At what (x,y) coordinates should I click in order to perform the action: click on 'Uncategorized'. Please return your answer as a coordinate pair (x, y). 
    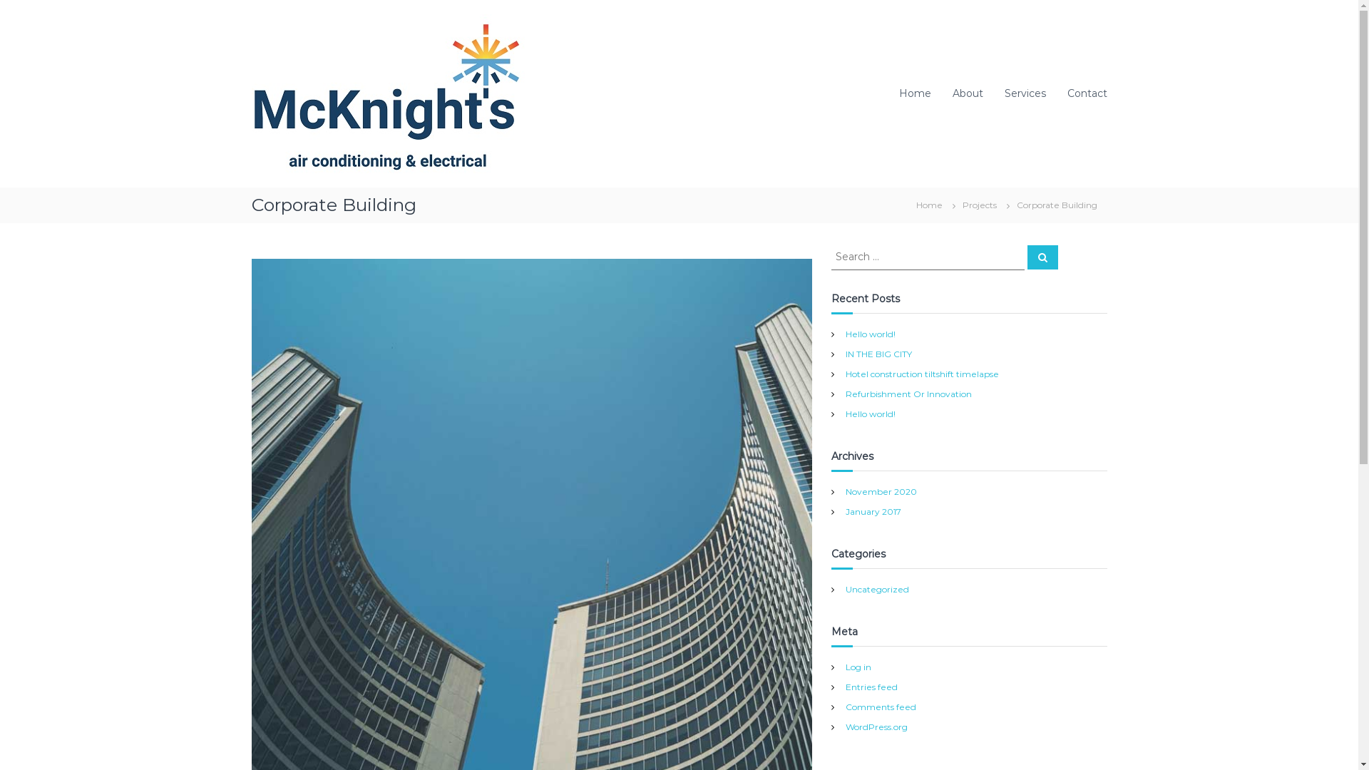
    Looking at the image, I should click on (876, 588).